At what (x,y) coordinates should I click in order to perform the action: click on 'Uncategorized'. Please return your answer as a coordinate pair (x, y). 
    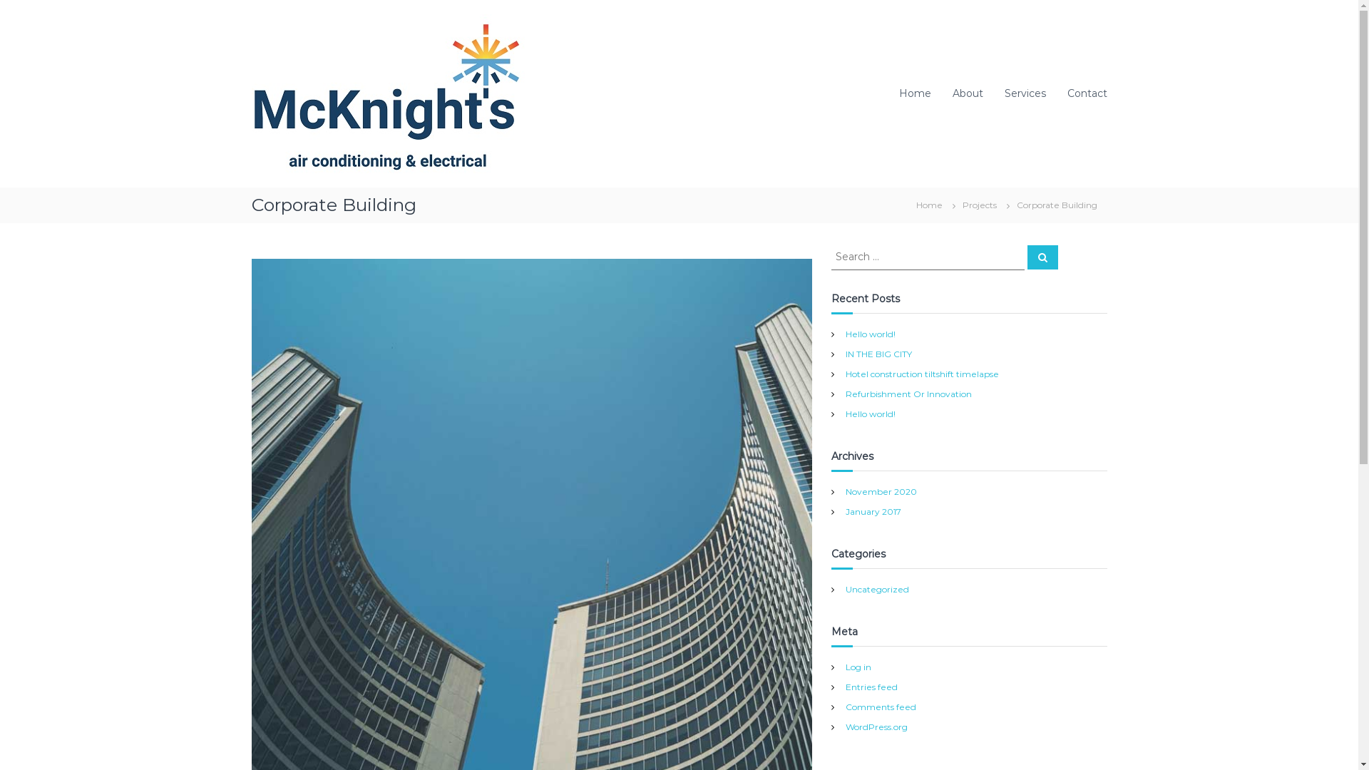
    Looking at the image, I should click on (876, 588).